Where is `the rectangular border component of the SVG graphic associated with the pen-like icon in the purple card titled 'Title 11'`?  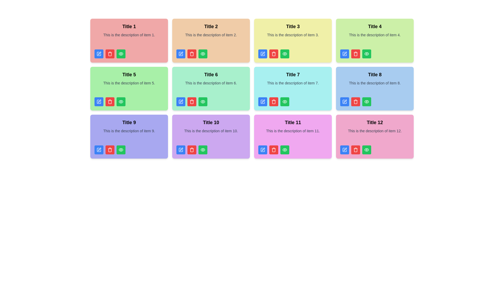 the rectangular border component of the SVG graphic associated with the pen-like icon in the purple card titled 'Title 11' is located at coordinates (263, 150).